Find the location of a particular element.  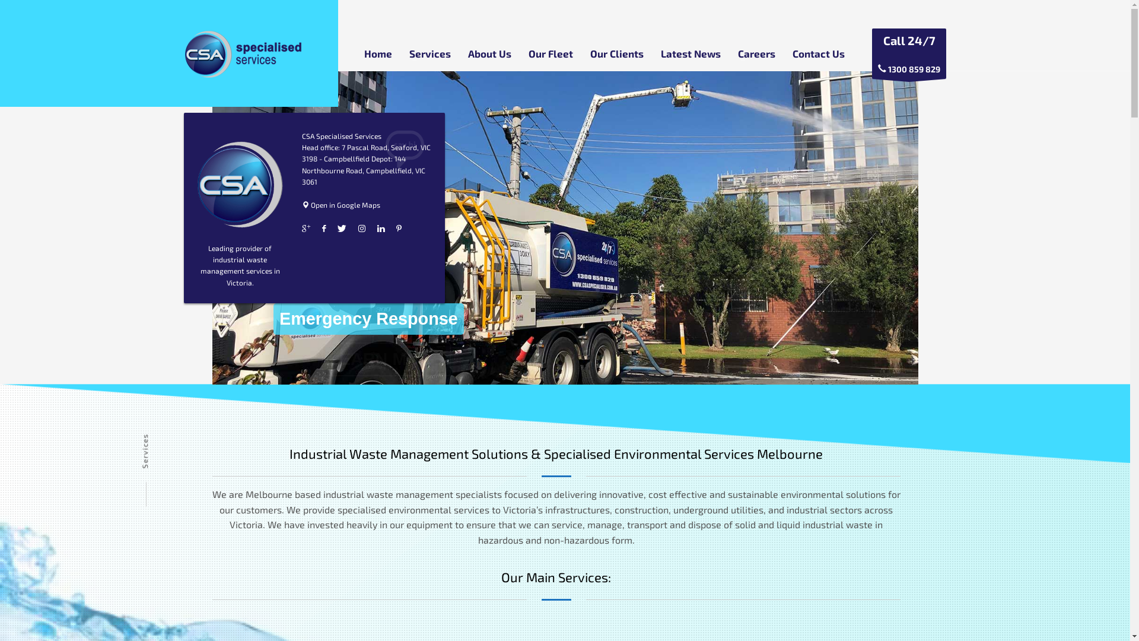

'Latest News' is located at coordinates (691, 52).